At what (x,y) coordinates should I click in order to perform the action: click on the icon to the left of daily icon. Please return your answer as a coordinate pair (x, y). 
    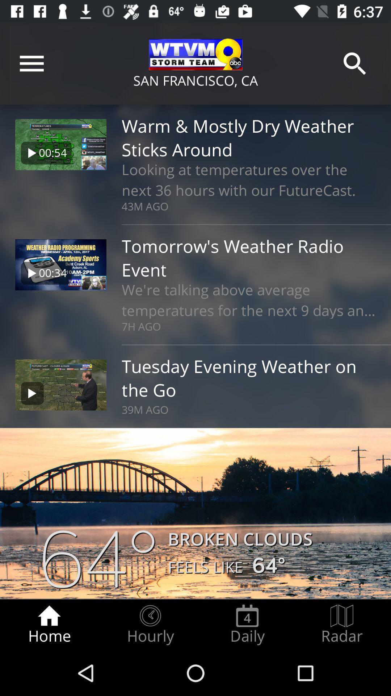
    Looking at the image, I should click on (150, 624).